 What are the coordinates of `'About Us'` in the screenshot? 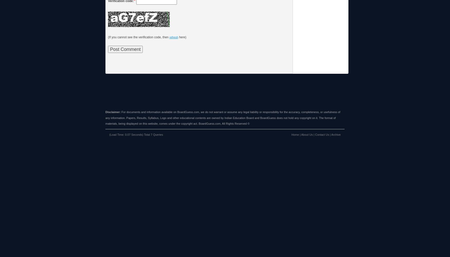 It's located at (301, 134).